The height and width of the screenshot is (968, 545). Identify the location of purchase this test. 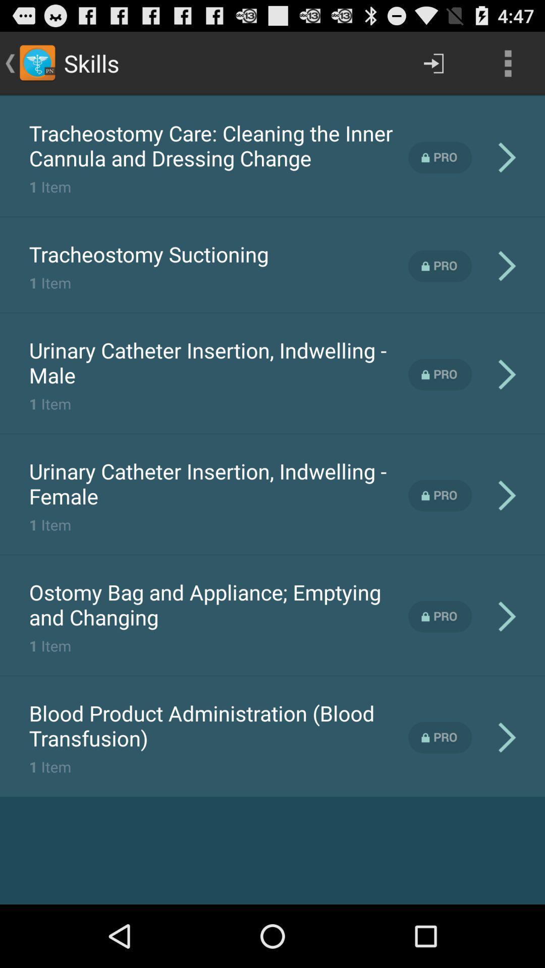
(440, 496).